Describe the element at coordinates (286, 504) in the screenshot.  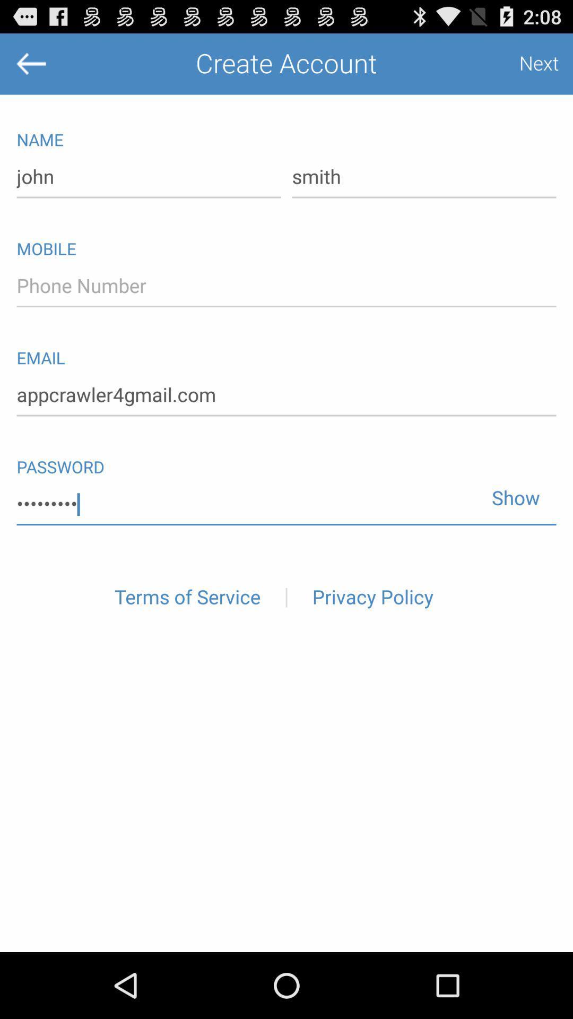
I see `the button above the terms of service` at that location.